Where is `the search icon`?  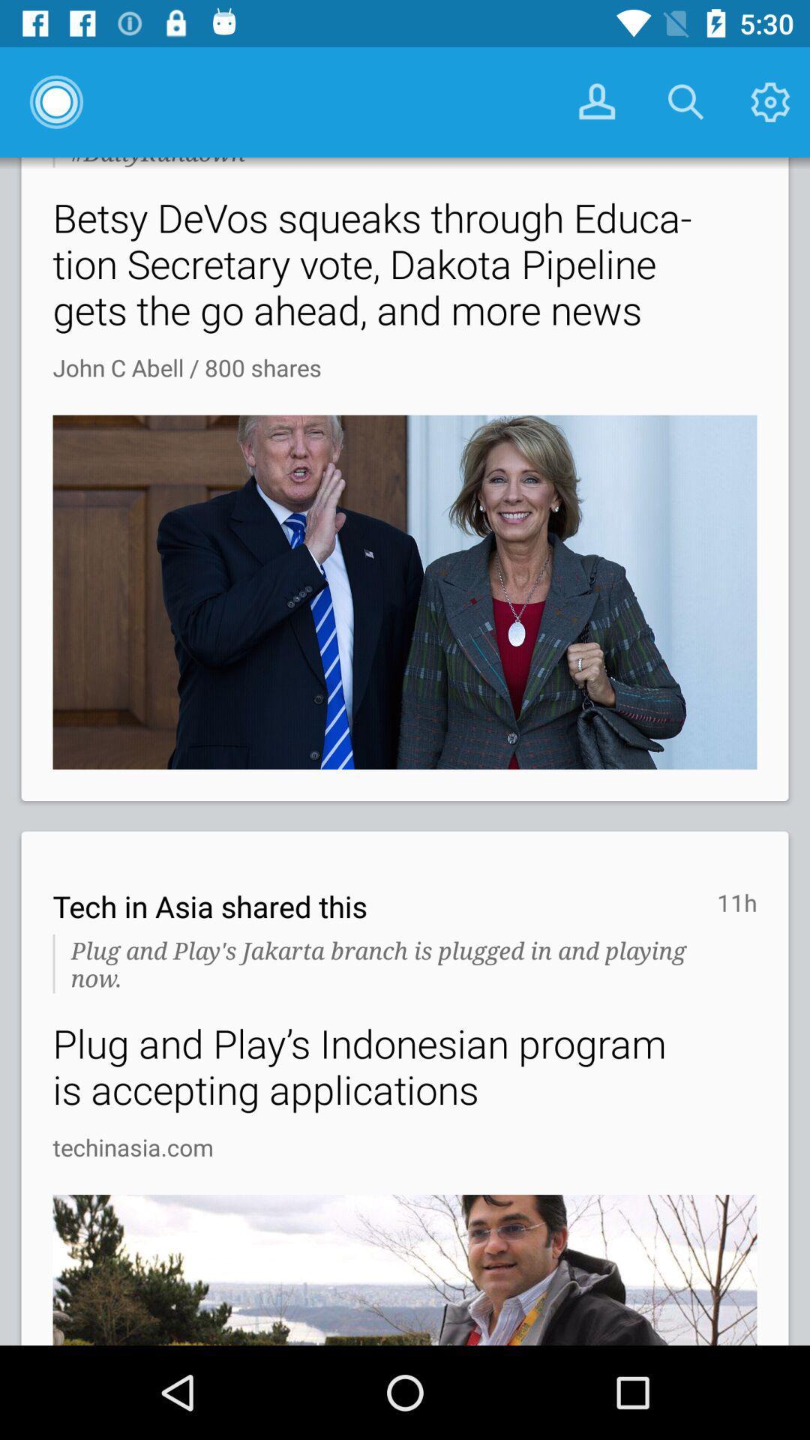 the search icon is located at coordinates (685, 101).